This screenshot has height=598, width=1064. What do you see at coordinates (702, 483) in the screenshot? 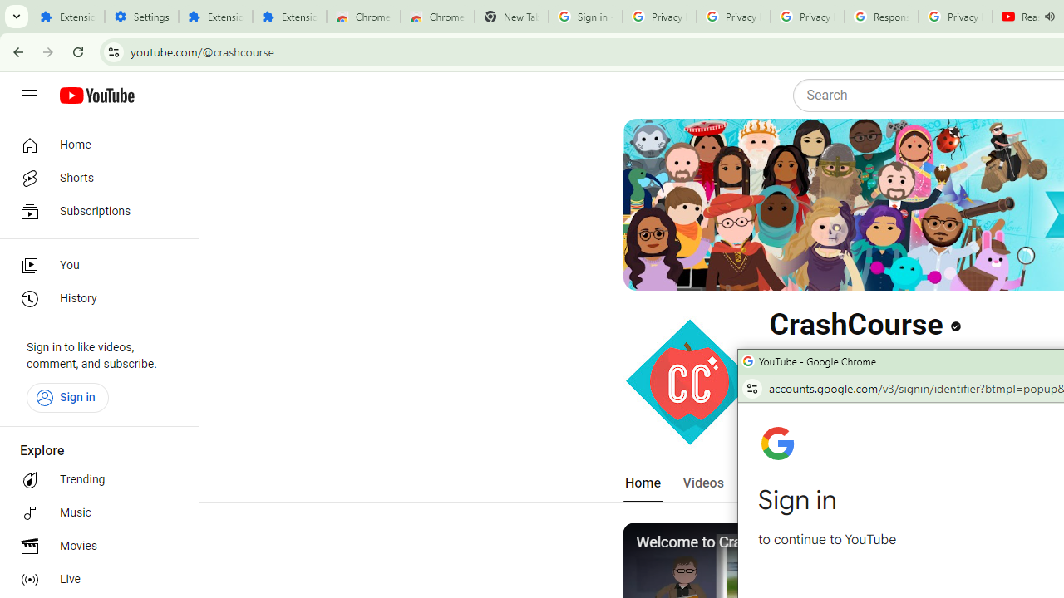
I see `'Videos'` at bounding box center [702, 483].